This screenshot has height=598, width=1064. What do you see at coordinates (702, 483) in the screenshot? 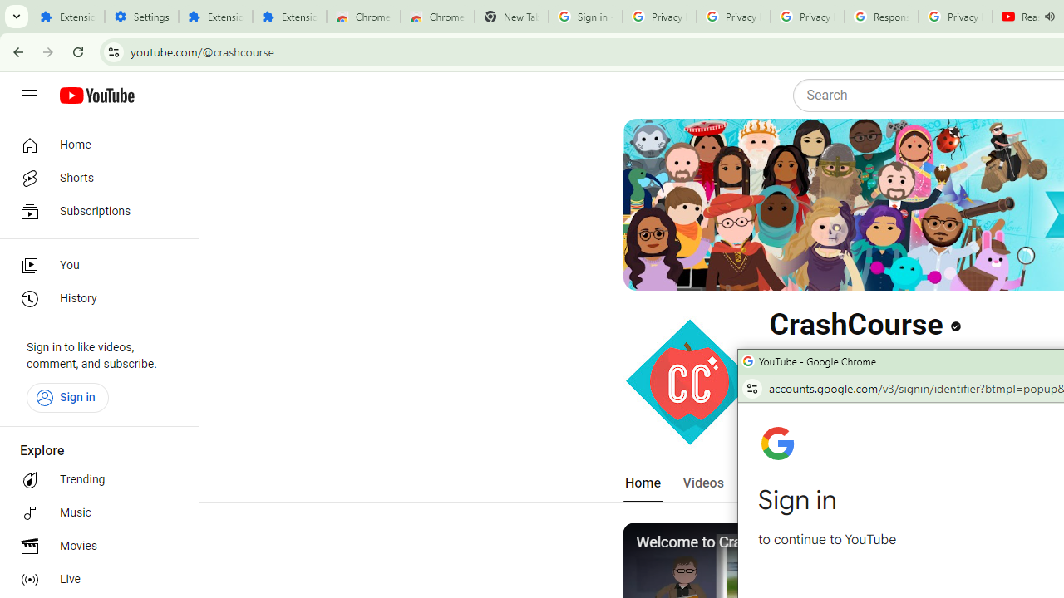
I see `'Videos'` at bounding box center [702, 483].